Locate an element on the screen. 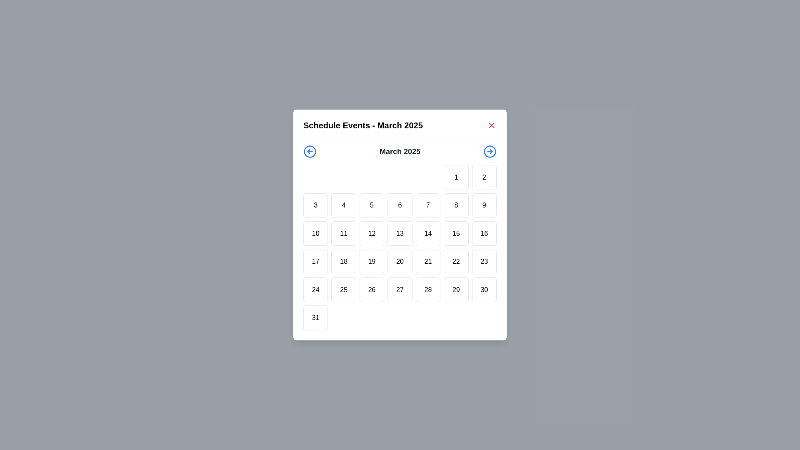  the square button displaying the text '27' in the calendar interface is located at coordinates (400, 289).